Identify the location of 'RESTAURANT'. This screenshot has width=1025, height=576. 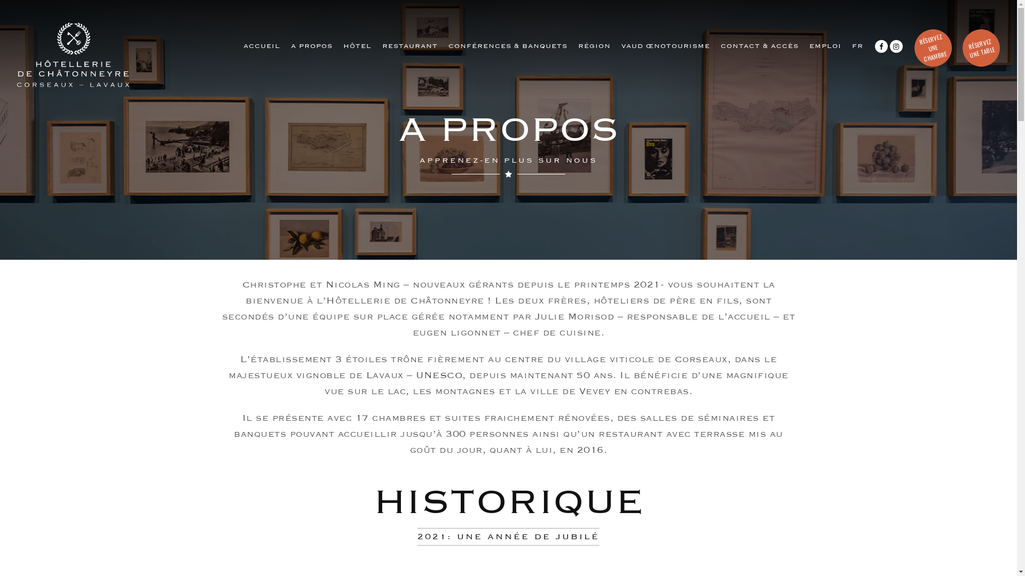
(409, 45).